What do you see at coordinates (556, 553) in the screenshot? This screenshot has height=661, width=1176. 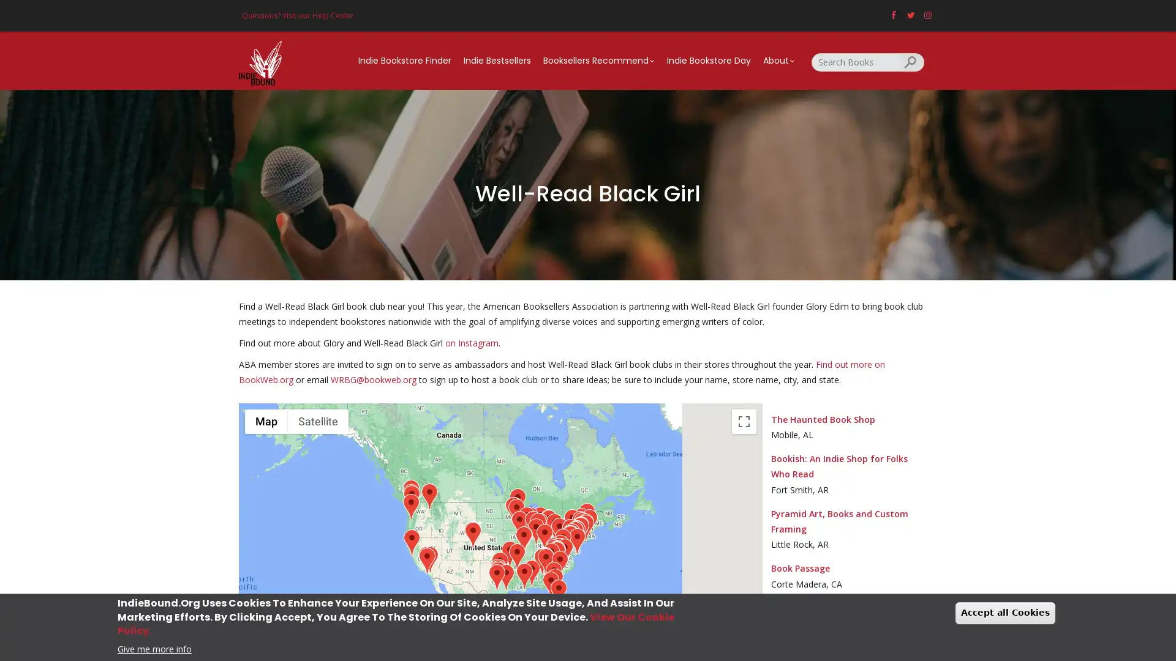 I see `The Urban Reader` at bounding box center [556, 553].